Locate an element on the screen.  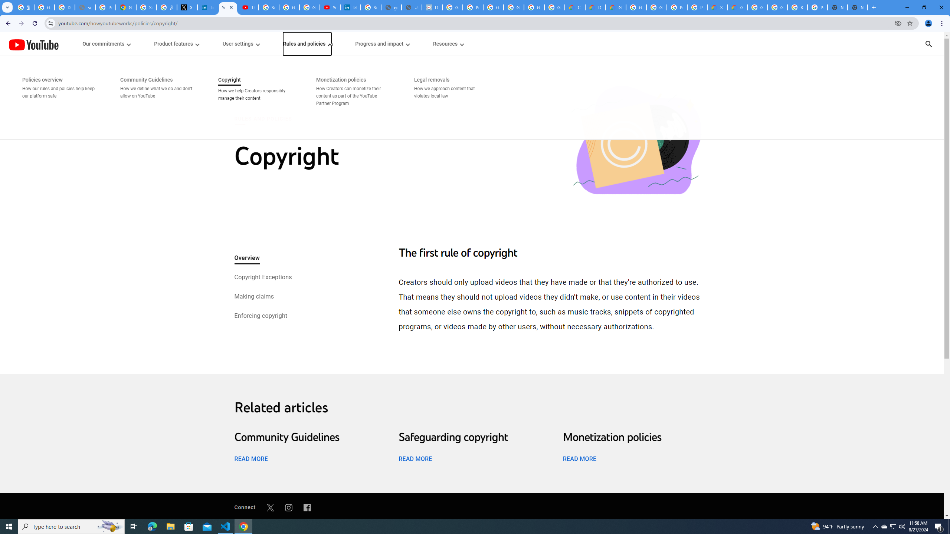
'Search' is located at coordinates (938, 44).